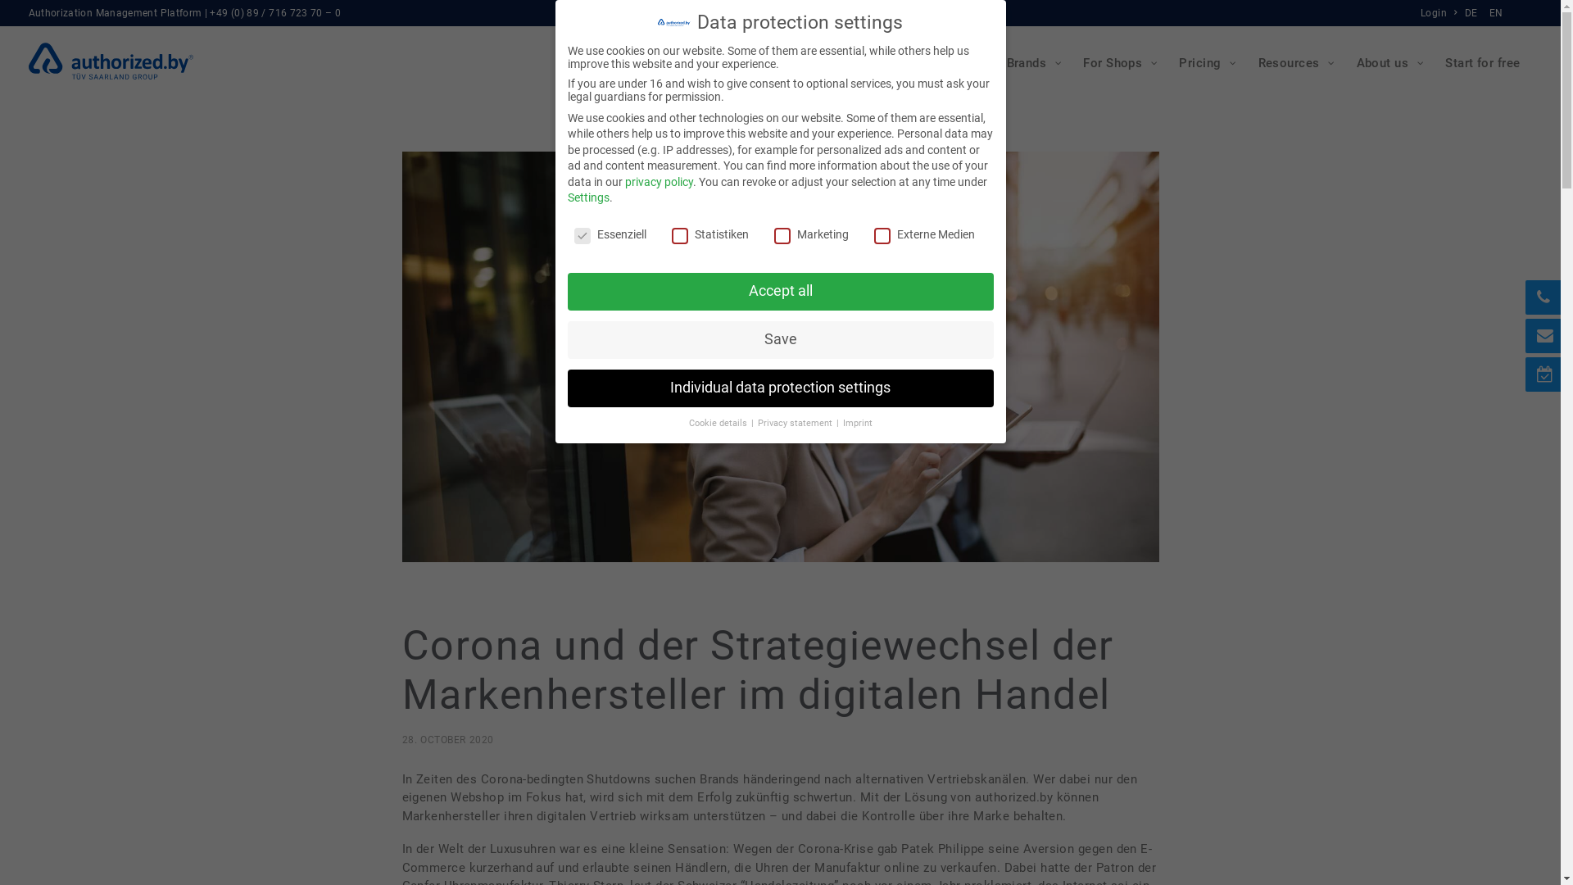  What do you see at coordinates (778, 290) in the screenshot?
I see `'Accept all'` at bounding box center [778, 290].